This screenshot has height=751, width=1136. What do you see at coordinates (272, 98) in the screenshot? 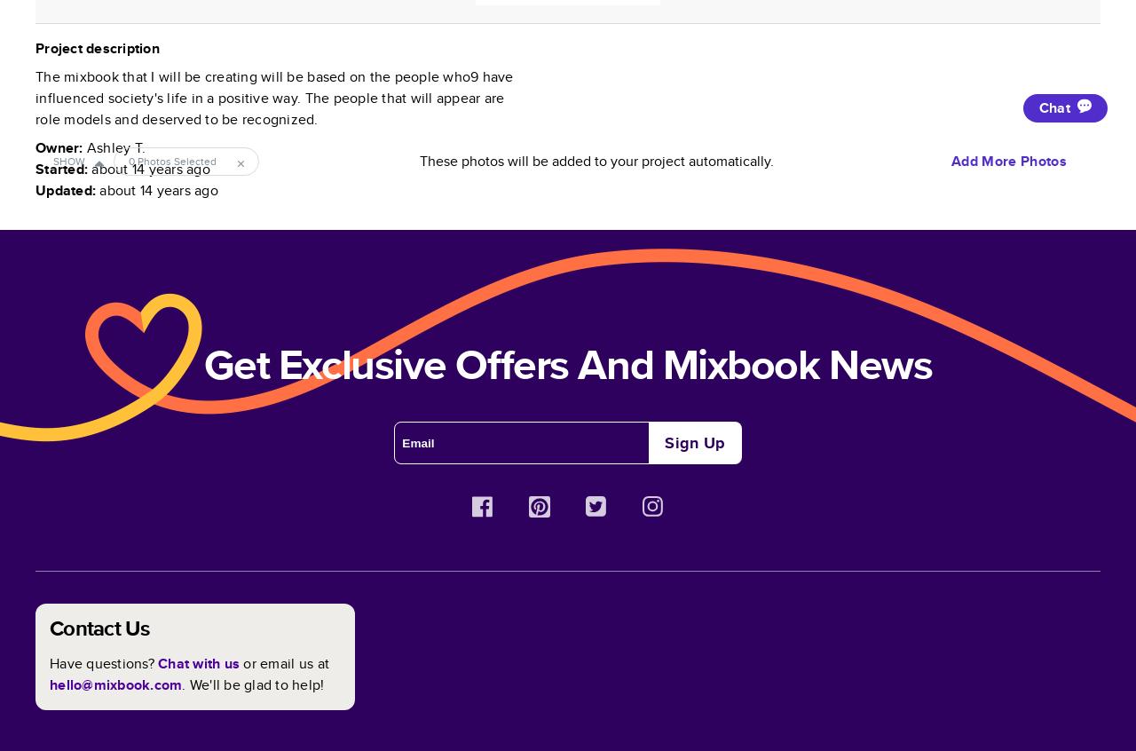
I see `'The mixbook that I will be creating will be based on the people who9 have influenced society's life in a positive way. The people that will appear are role models and deserved to be recognized.'` at bounding box center [272, 98].